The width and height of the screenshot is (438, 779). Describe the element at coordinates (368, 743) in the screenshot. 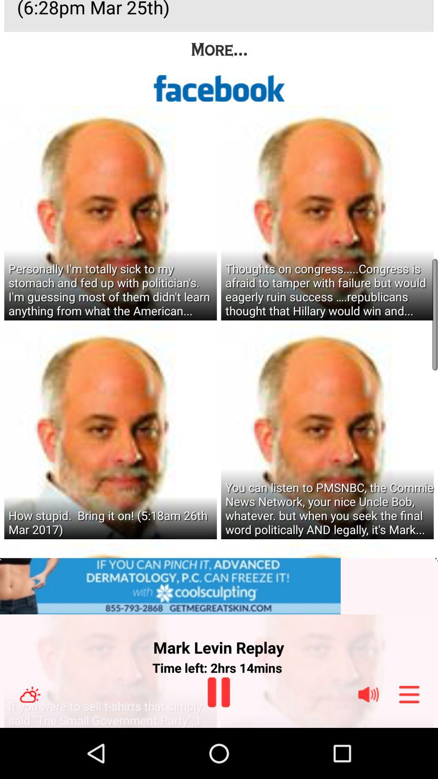

I see `the volume icon` at that location.